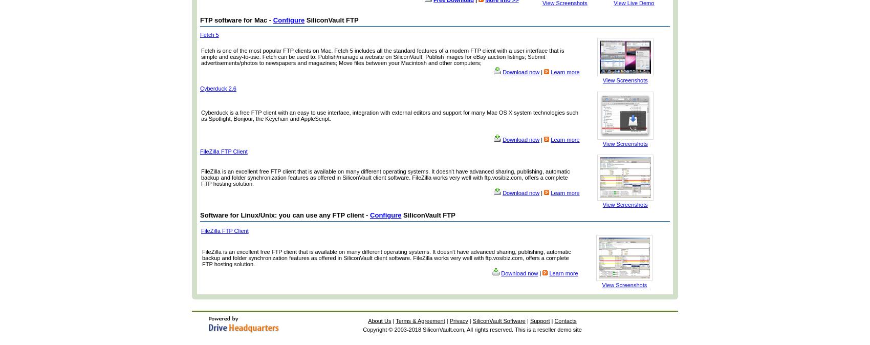 The height and width of the screenshot is (345, 870). Describe the element at coordinates (389, 115) in the screenshot. I see `'Cyberduck is a free FTP client with an easy to use interface, integration with external editors and support for many Mac OS X system technologies such as Spotlight, Bonjour, the Keychain and AppleScript.'` at that location.